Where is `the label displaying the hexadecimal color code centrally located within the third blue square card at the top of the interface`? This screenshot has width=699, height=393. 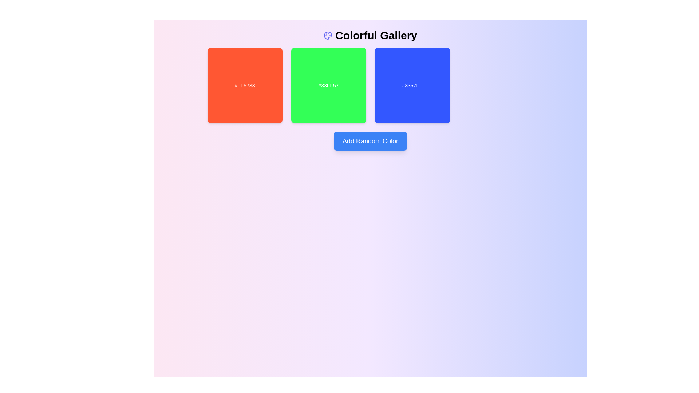
the label displaying the hexadecimal color code centrally located within the third blue square card at the top of the interface is located at coordinates (412, 85).